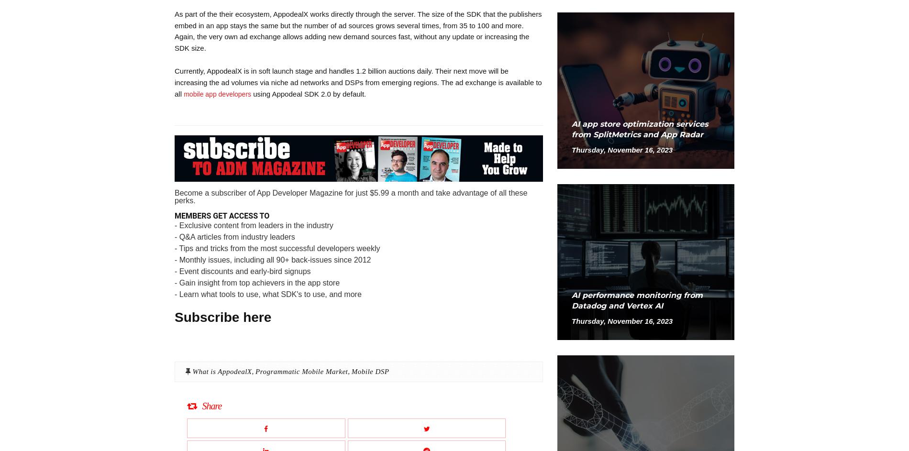 This screenshot has height=451, width=909. What do you see at coordinates (174, 30) in the screenshot?
I see `'As part of the their ecosystem, AppodealX works directly through the server. The size of the SDK that the publishers embed in an app stays the same but the number of ad sources grows several times, from 35 to 100 and more. Again, the very own ad exchange allows adding new demand sources fast, without any update or increasing the SDK size.'` at bounding box center [174, 30].